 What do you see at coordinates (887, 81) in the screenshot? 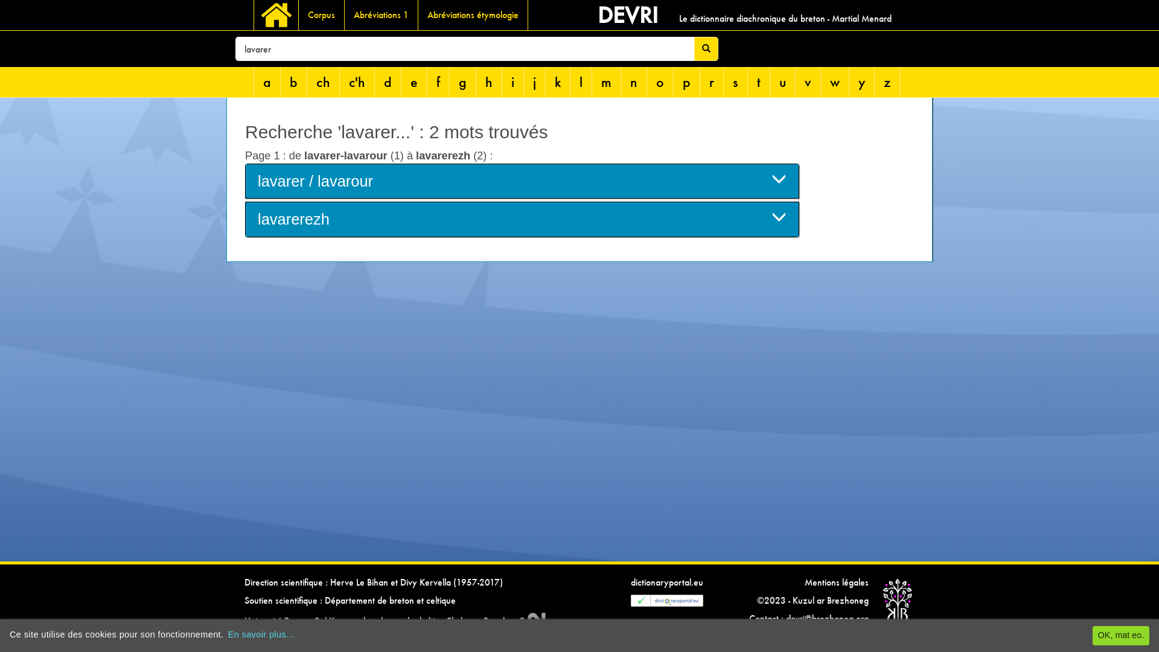
I see `'z'` at bounding box center [887, 81].